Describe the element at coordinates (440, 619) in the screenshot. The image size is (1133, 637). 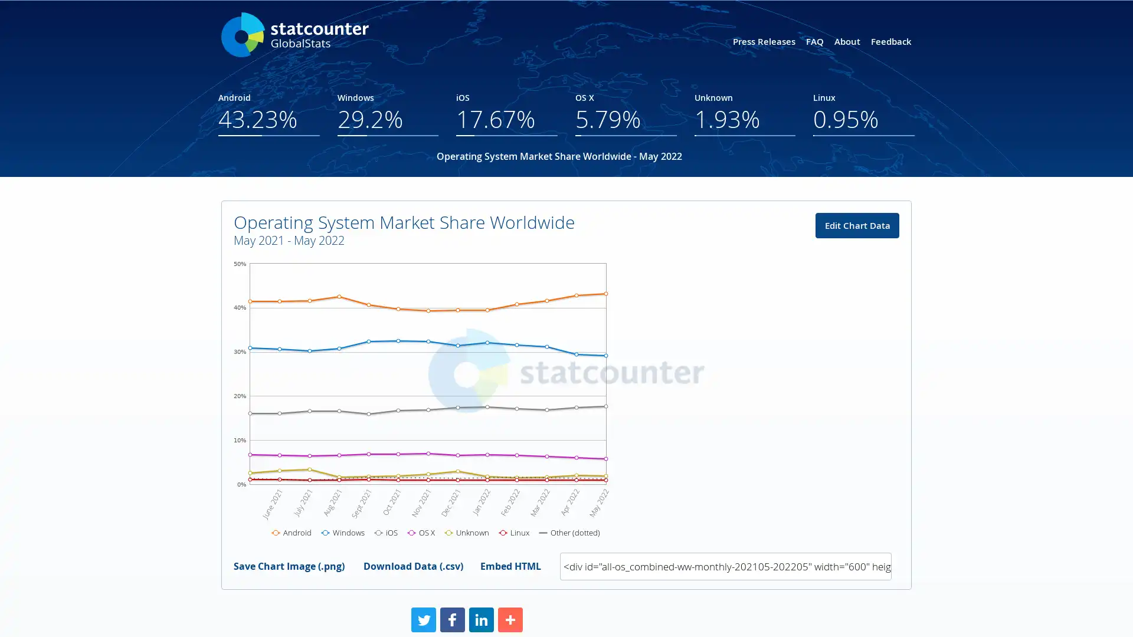
I see `Share to Twitter Twitter` at that location.